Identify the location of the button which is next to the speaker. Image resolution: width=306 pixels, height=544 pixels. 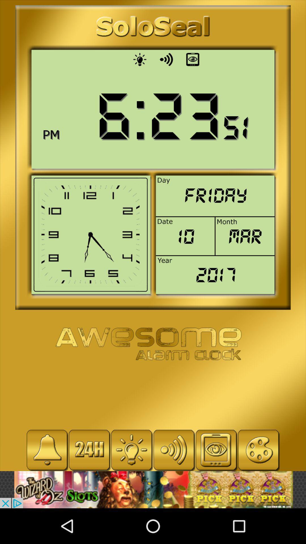
(193, 59).